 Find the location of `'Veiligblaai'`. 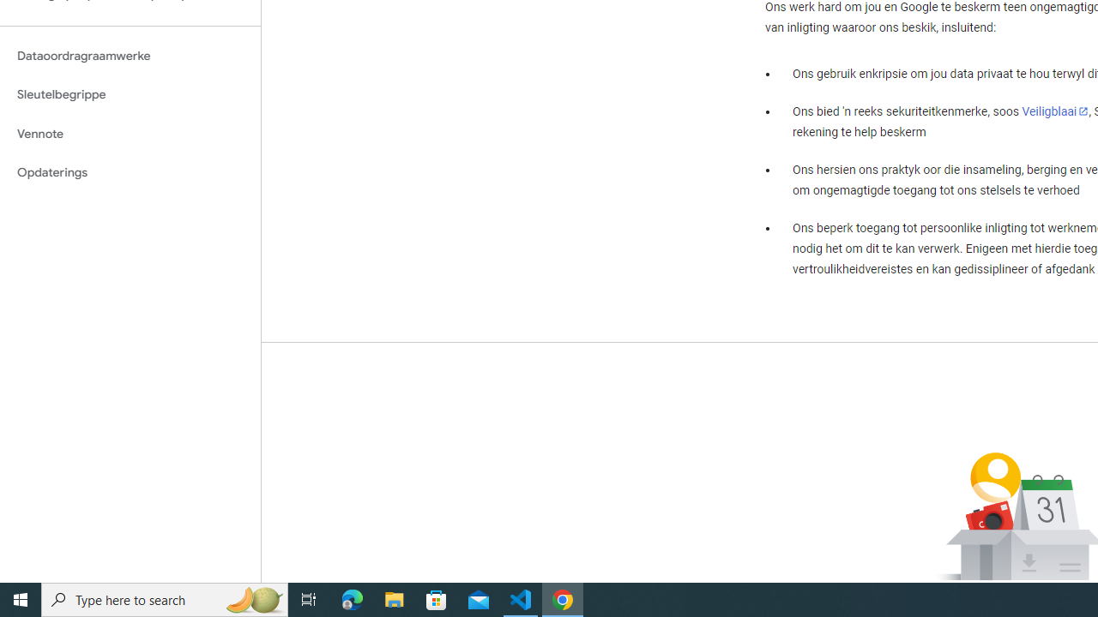

'Veiligblaai' is located at coordinates (1054, 111).